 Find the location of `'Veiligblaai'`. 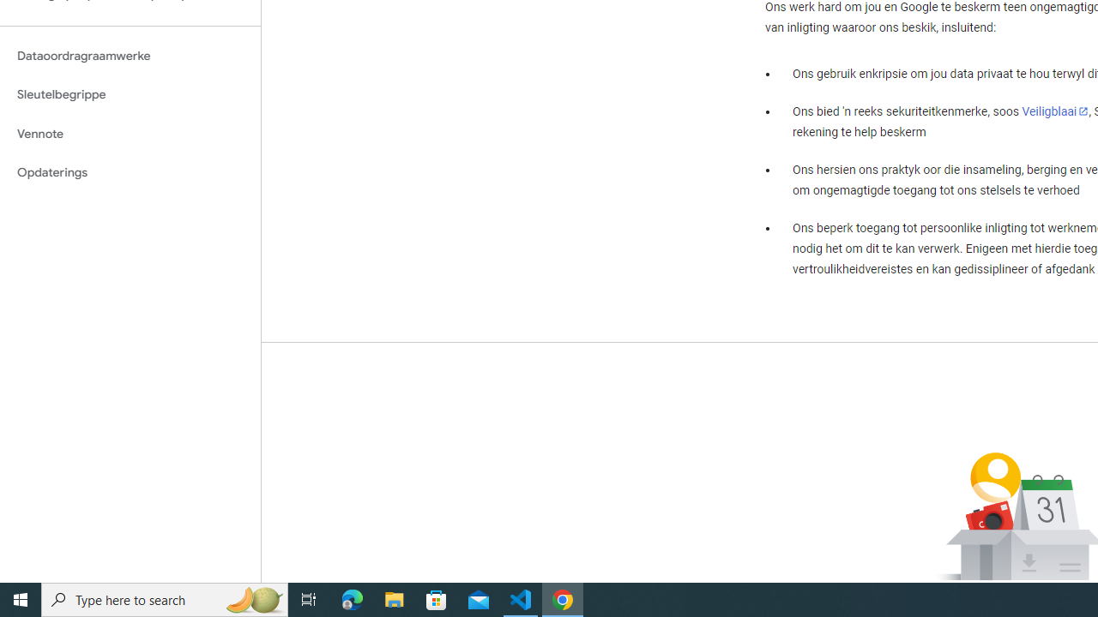

'Veiligblaai' is located at coordinates (1054, 111).